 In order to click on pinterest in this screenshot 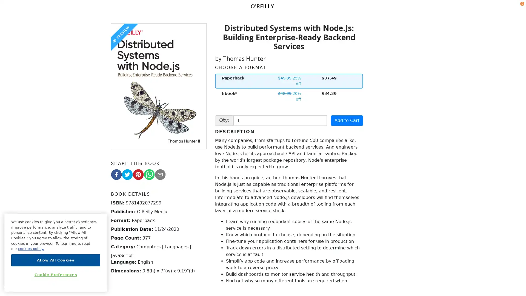, I will do `click(138, 174)`.